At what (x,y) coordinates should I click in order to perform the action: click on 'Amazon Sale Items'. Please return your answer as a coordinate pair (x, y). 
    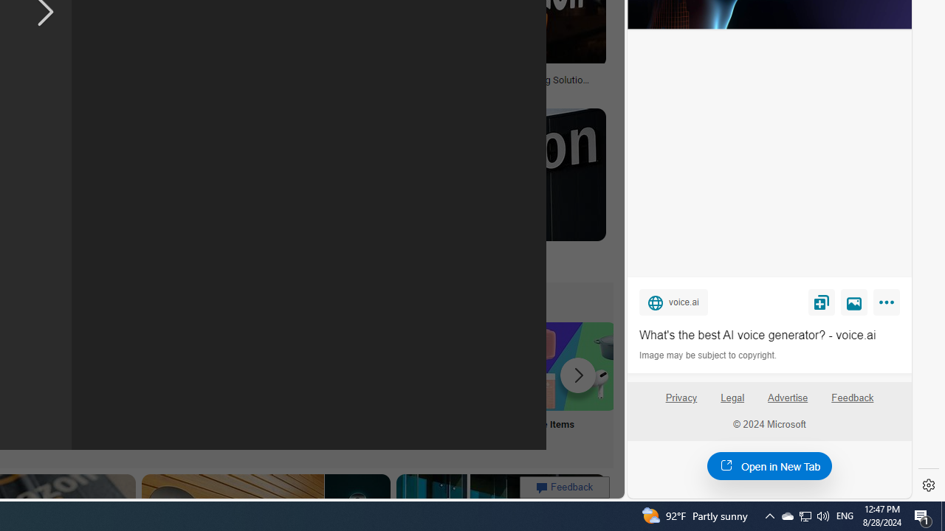
    Looking at the image, I should click on (571, 365).